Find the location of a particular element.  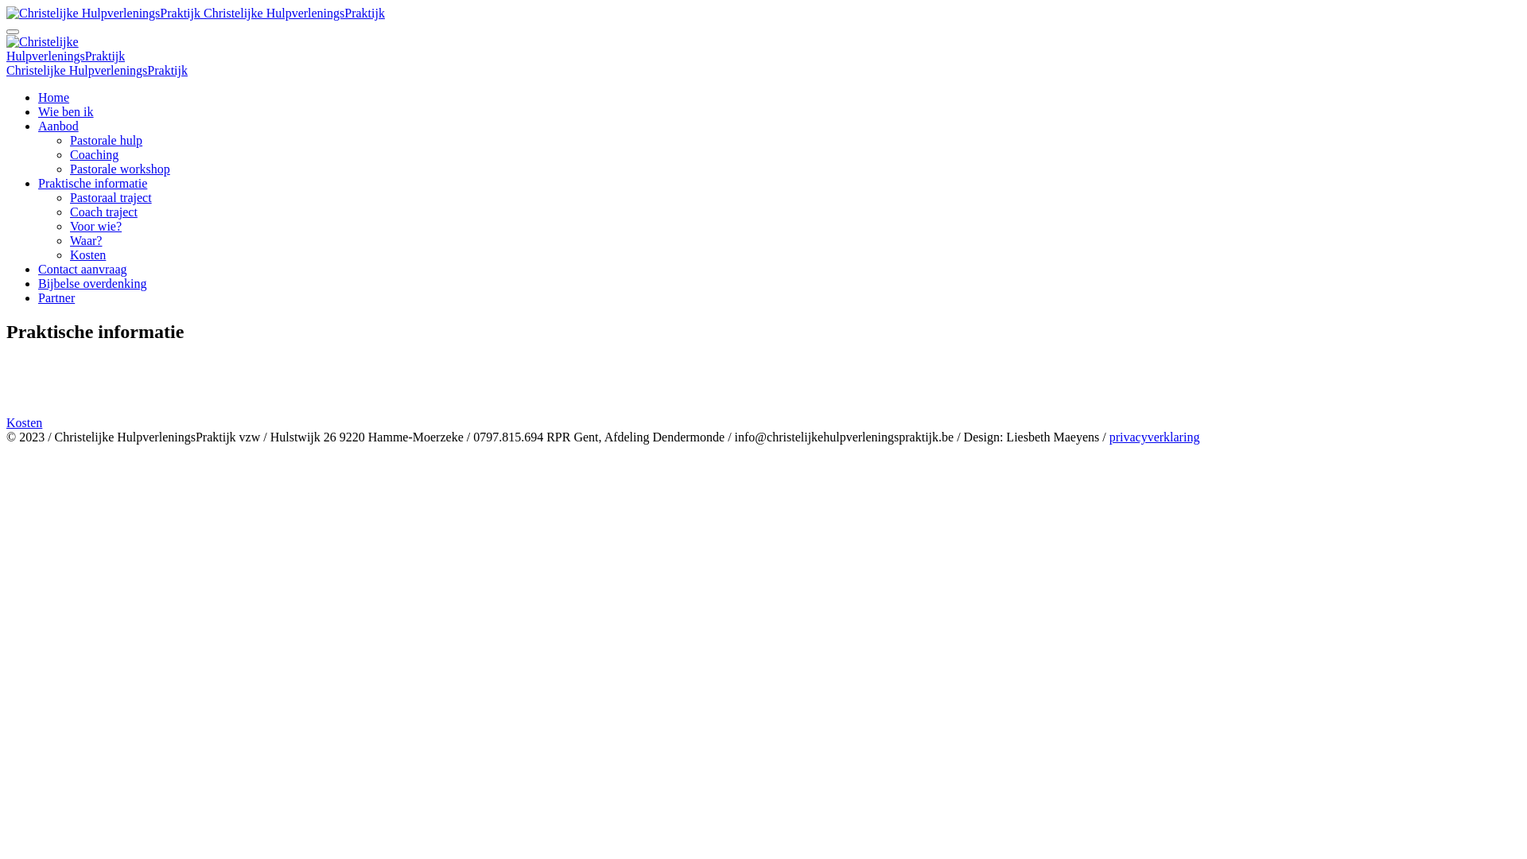

'privacyverklaring' is located at coordinates (1154, 437).